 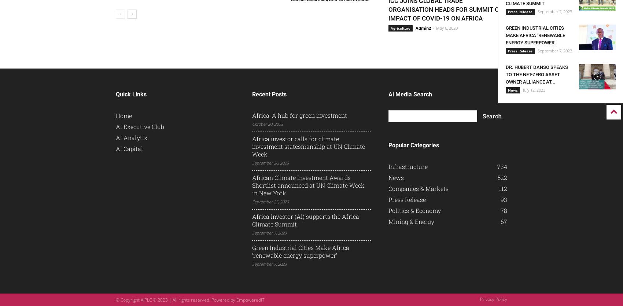 What do you see at coordinates (504, 210) in the screenshot?
I see `'78'` at bounding box center [504, 210].